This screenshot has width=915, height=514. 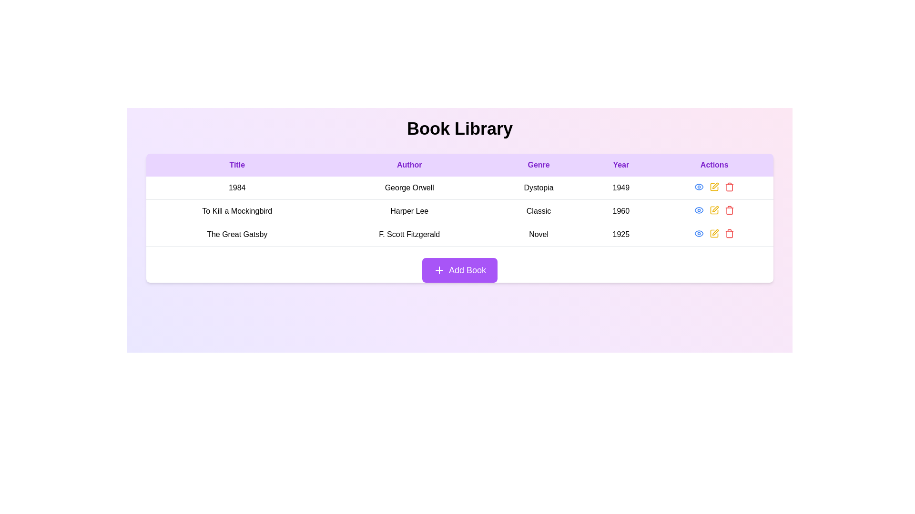 What do you see at coordinates (438, 270) in the screenshot?
I see `the 'Add Book' button icon, which visually represents the action of adding a book and is aligned left with the button's text` at bounding box center [438, 270].